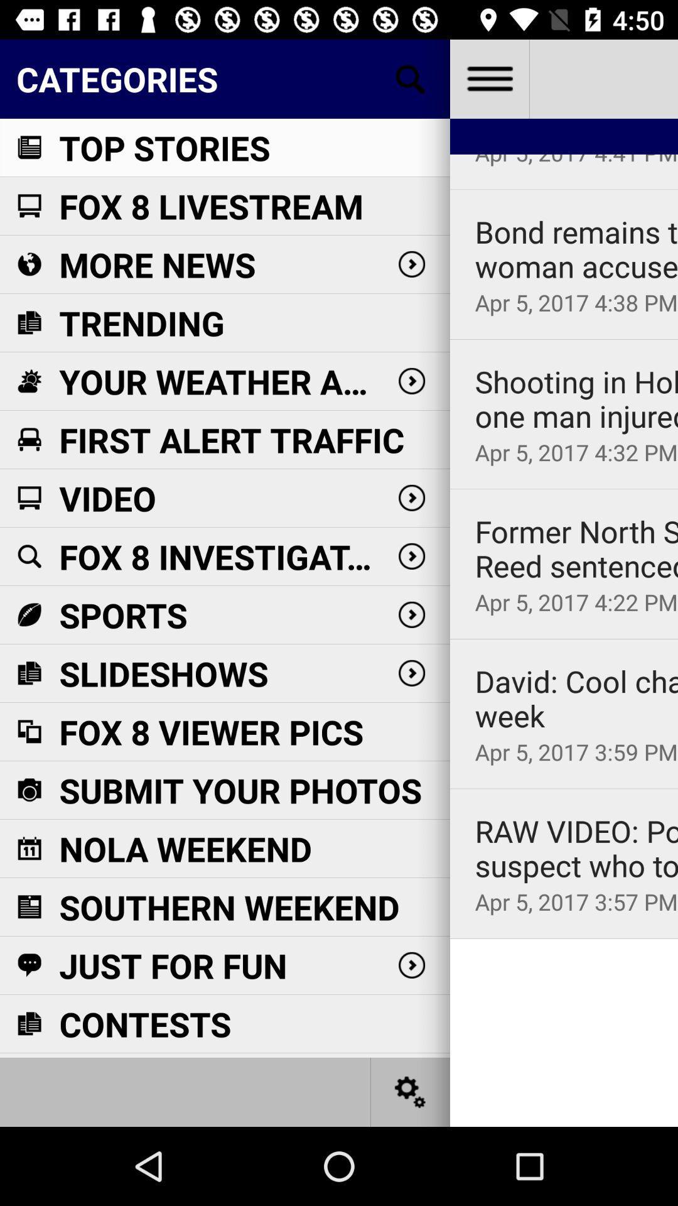 Image resolution: width=678 pixels, height=1206 pixels. I want to click on the search icon, so click(411, 78).